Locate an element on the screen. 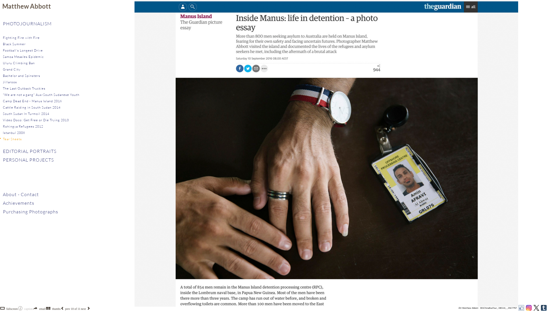  'The Last Outback Truckies' is located at coordinates (24, 88).